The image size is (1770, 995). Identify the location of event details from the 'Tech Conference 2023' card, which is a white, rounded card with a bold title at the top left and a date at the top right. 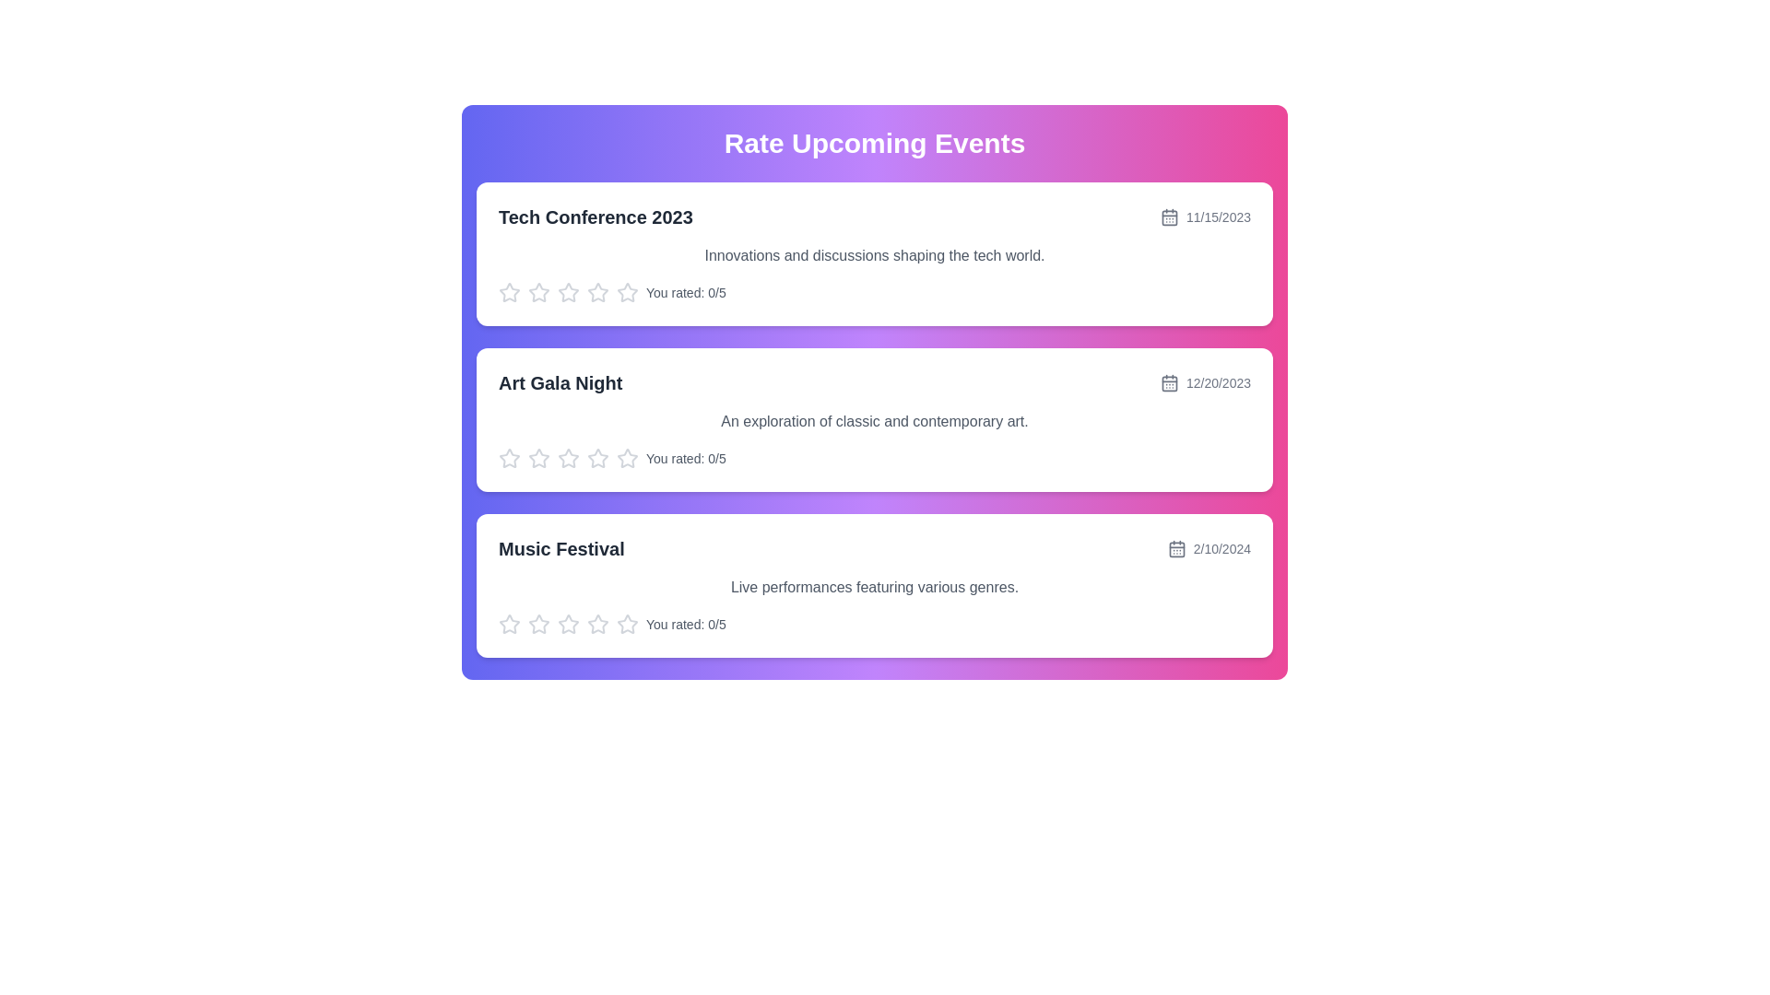
(874, 254).